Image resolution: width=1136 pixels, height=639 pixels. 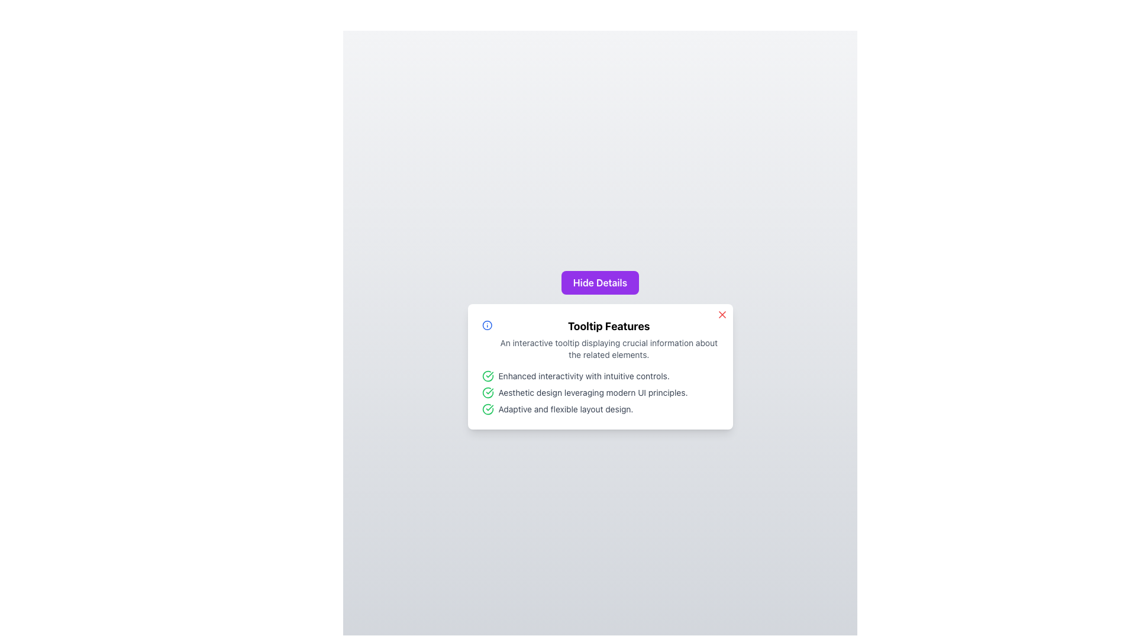 I want to click on the circular green check mark icon that is the first element in the list item row for the text 'Aesthetic design leveraging modern UI principles.', so click(x=488, y=392).